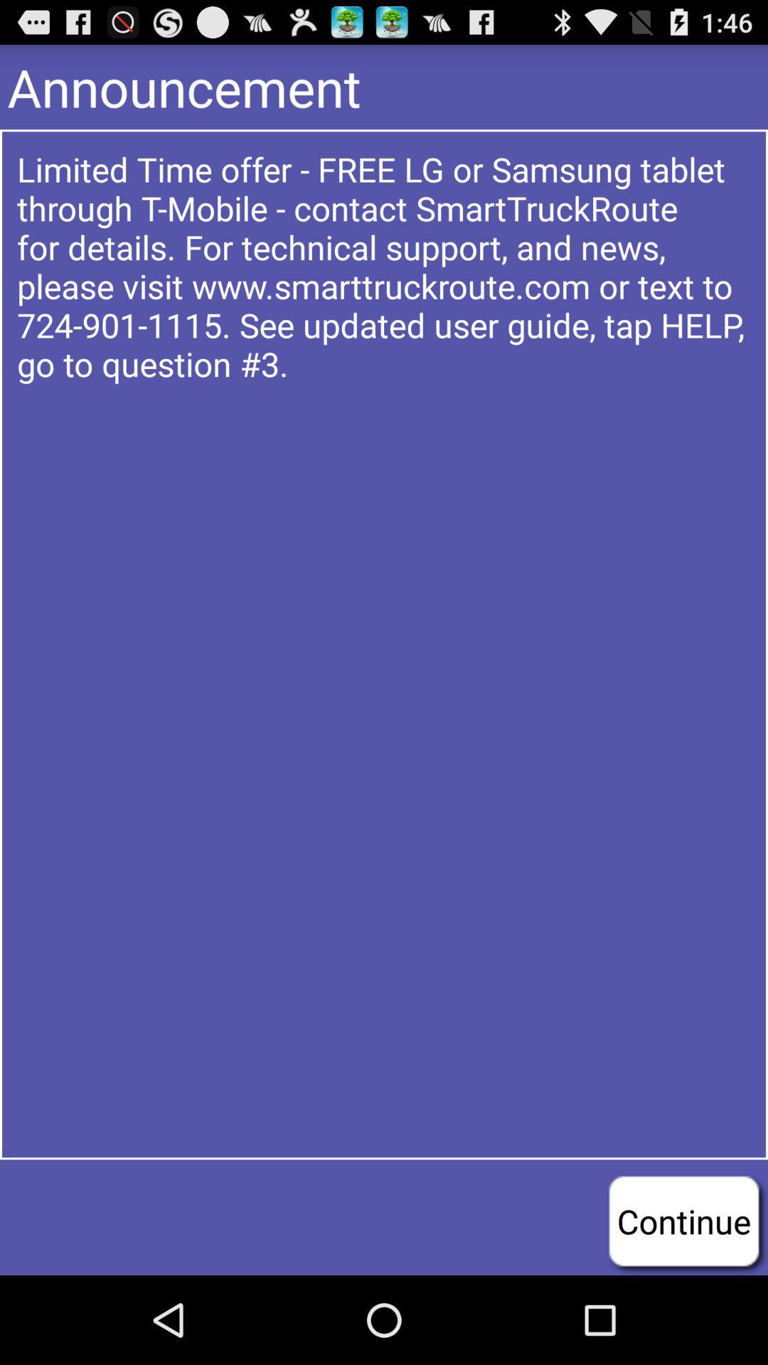  I want to click on continue, so click(683, 1220).